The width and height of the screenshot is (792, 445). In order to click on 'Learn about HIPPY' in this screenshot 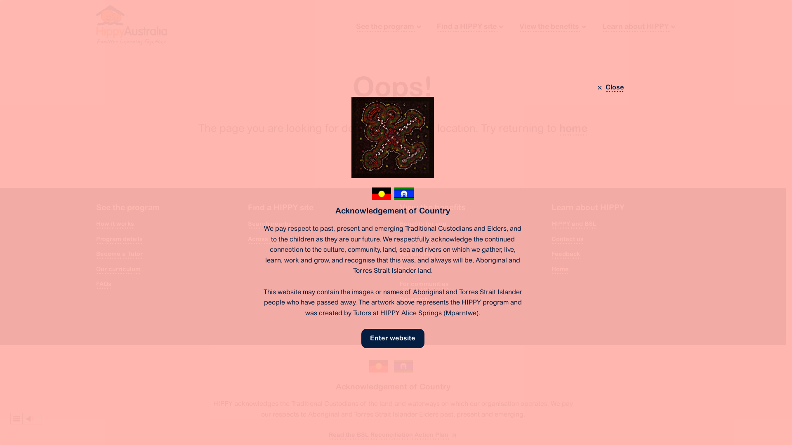, I will do `click(638, 26)`.